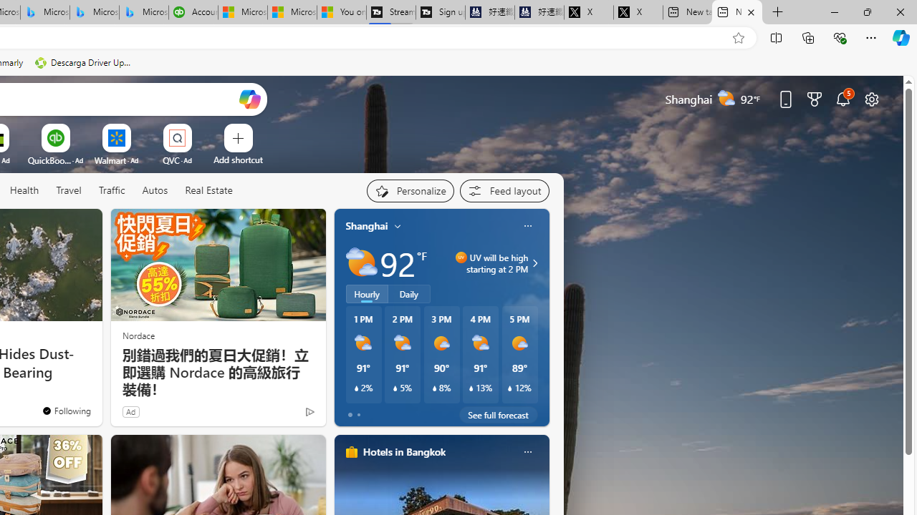 Image resolution: width=917 pixels, height=515 pixels. I want to click on 'Microsoft Start Sports', so click(242, 12).